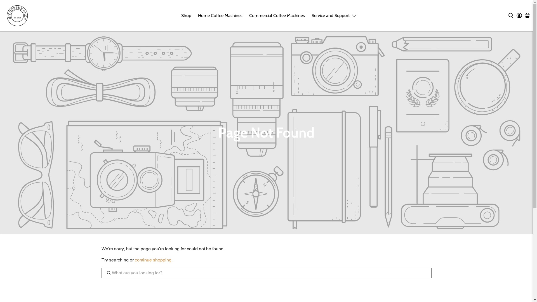  I want to click on 'Shop', so click(186, 15).